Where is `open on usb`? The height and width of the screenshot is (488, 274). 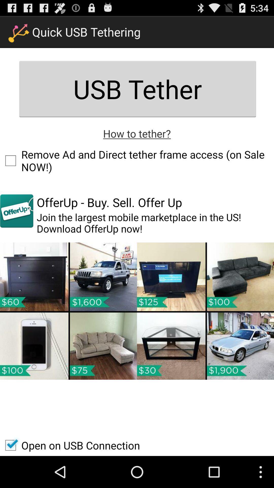
open on usb is located at coordinates (70, 445).